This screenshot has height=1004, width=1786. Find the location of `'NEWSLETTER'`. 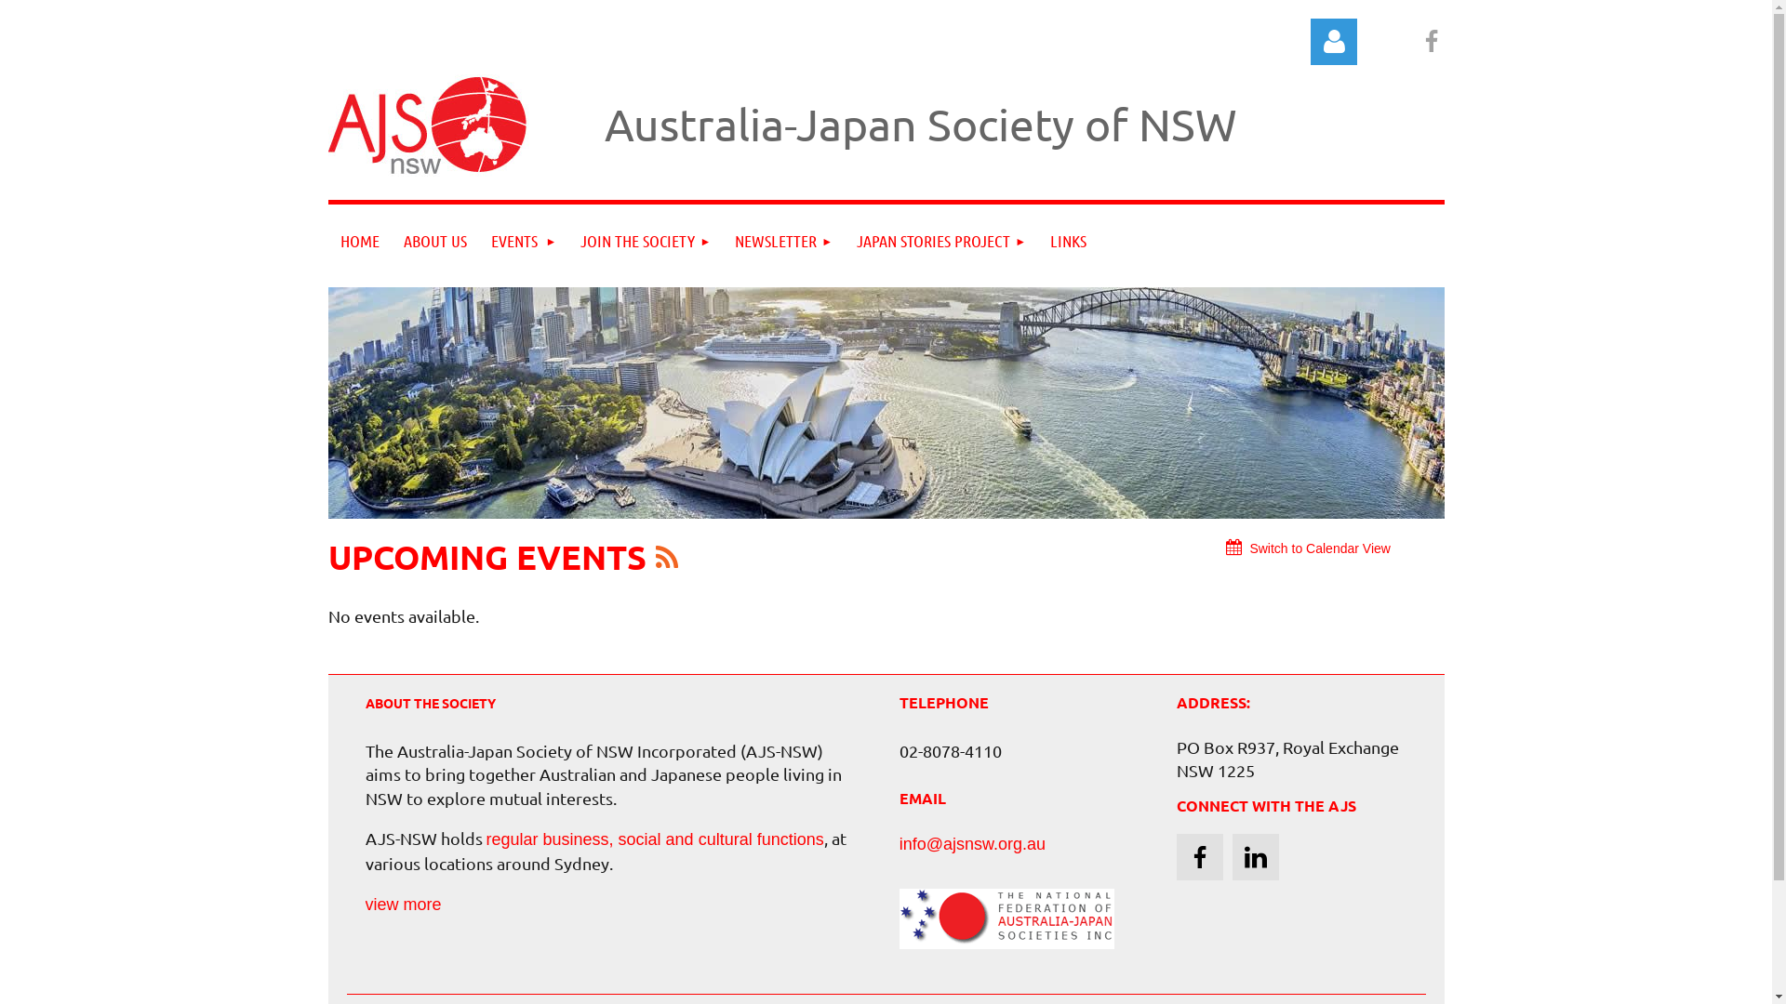

'NEWSLETTER' is located at coordinates (783, 240).